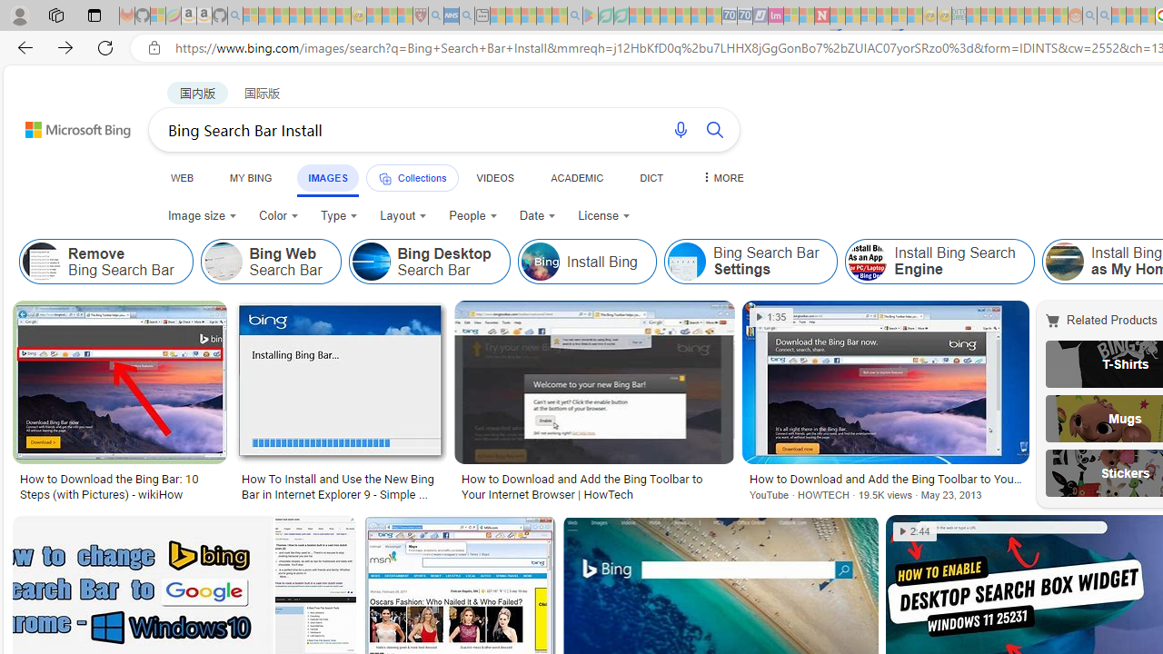 The height and width of the screenshot is (654, 1163). What do you see at coordinates (270, 262) in the screenshot?
I see `'Bing Web Search Bar'` at bounding box center [270, 262].